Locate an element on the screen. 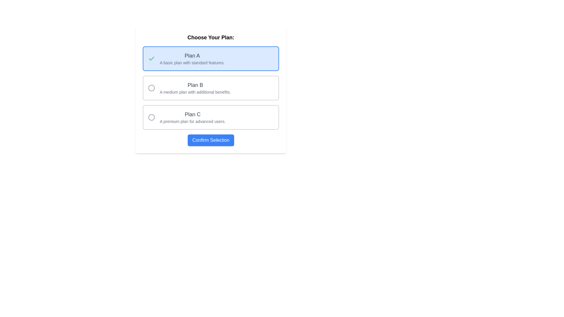 The image size is (564, 317). the title heading for the 'Plan C' option in the selection interface, which is located above the description text and to the right of an unselected radio button is located at coordinates (193, 114).